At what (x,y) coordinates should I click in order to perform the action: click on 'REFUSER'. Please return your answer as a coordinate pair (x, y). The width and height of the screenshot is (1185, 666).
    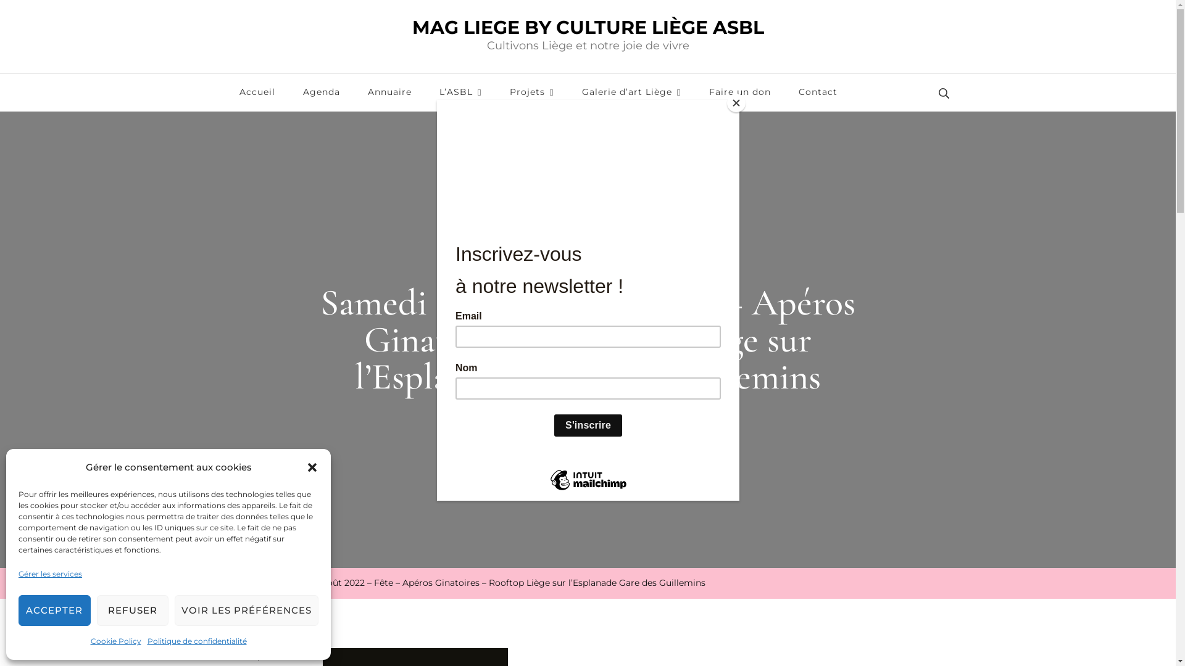
    Looking at the image, I should click on (132, 610).